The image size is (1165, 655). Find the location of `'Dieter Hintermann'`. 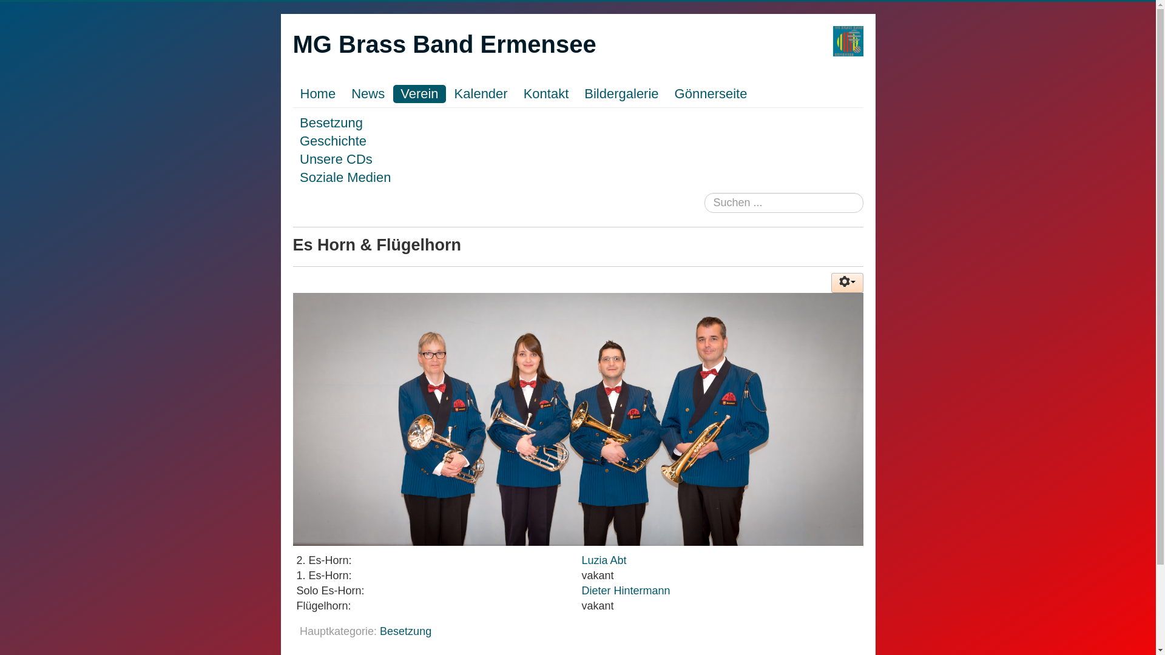

'Dieter Hintermann' is located at coordinates (626, 590).